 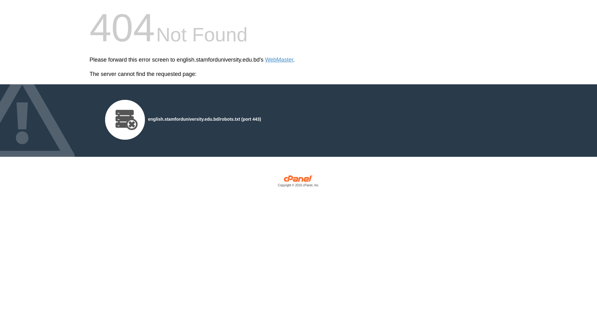 I want to click on 'WebMaster', so click(x=265, y=60).